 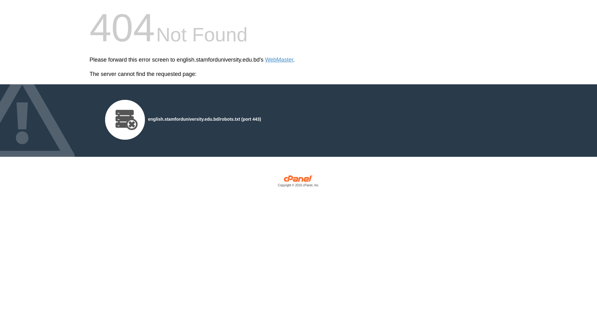 I want to click on 'WebMaster', so click(x=265, y=60).